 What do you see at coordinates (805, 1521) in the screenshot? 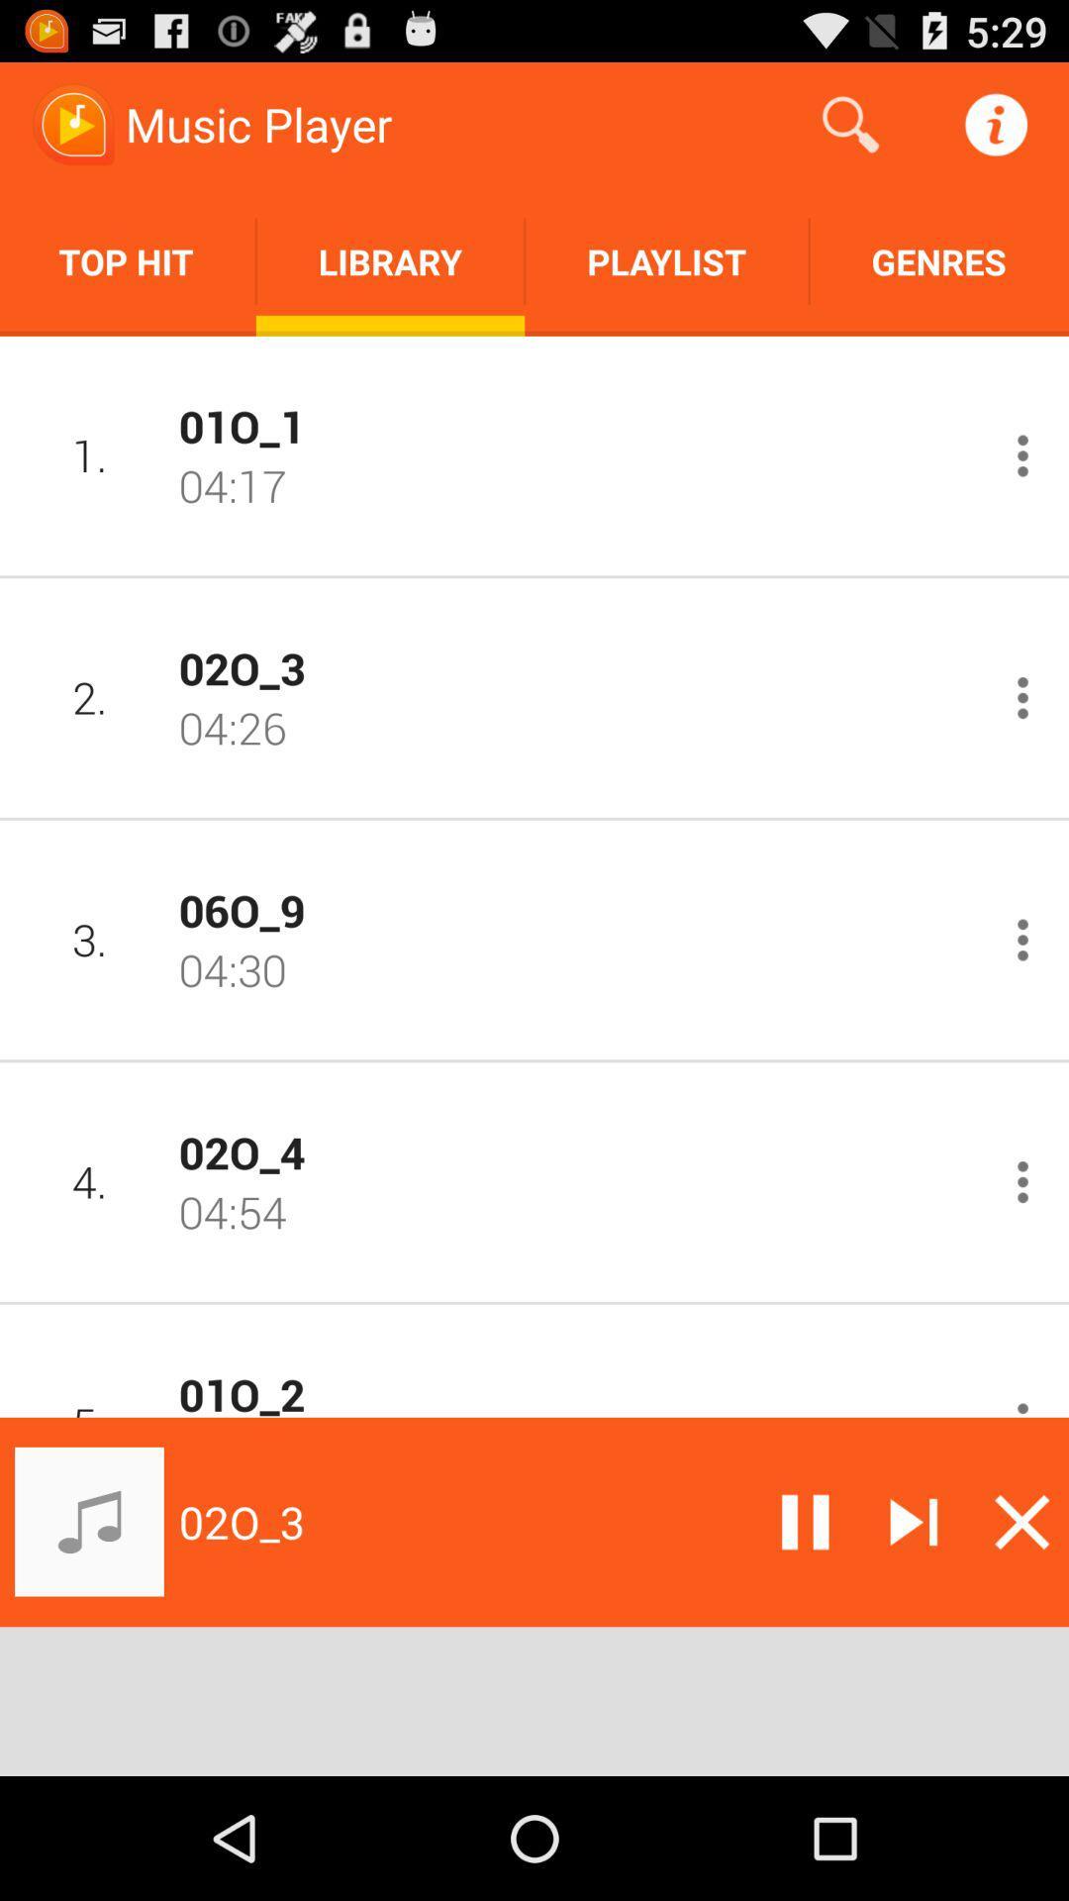
I see `music passe app` at bounding box center [805, 1521].